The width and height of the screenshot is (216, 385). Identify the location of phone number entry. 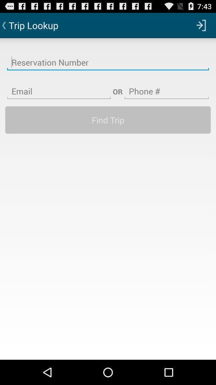
(166, 86).